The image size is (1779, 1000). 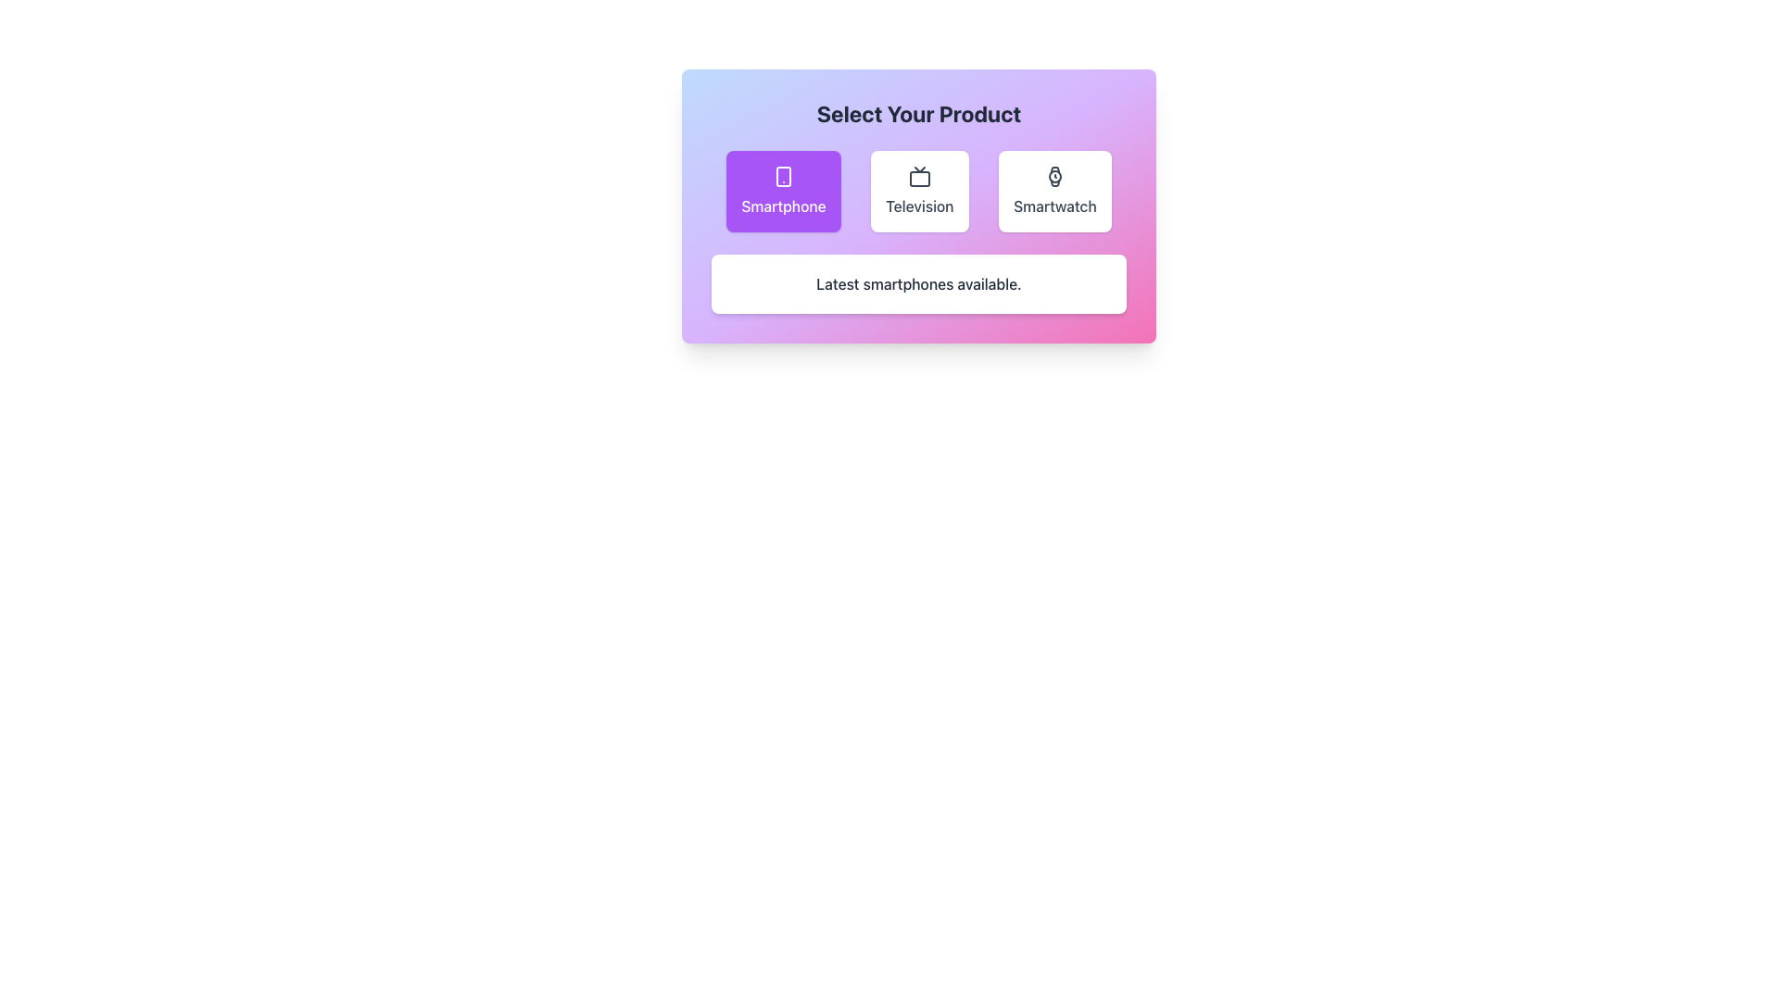 I want to click on the text label indicating the option related to Smartwatches, located at the far-right position of the horizontally aligned options under the heading 'Select Your Product', so click(x=1054, y=206).